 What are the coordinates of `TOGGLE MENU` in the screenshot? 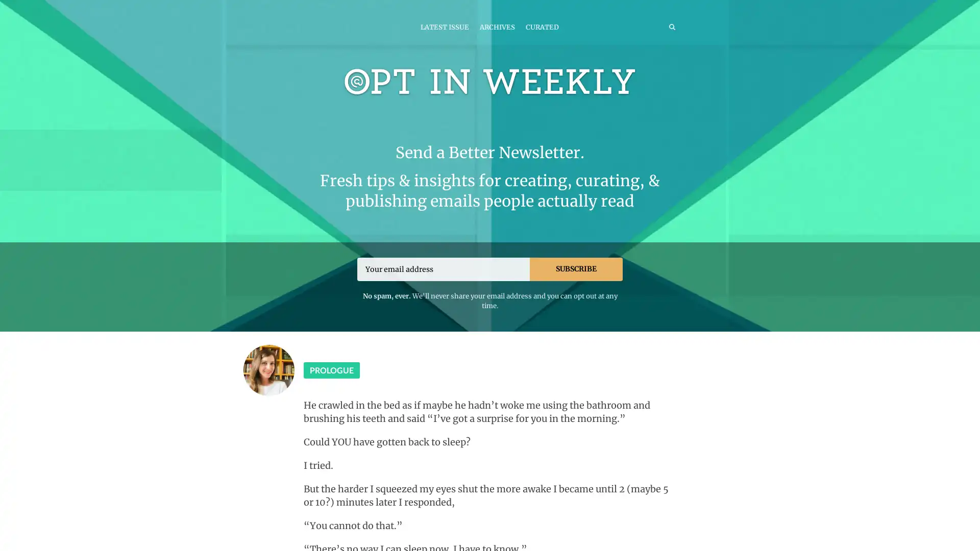 It's located at (305, 7).